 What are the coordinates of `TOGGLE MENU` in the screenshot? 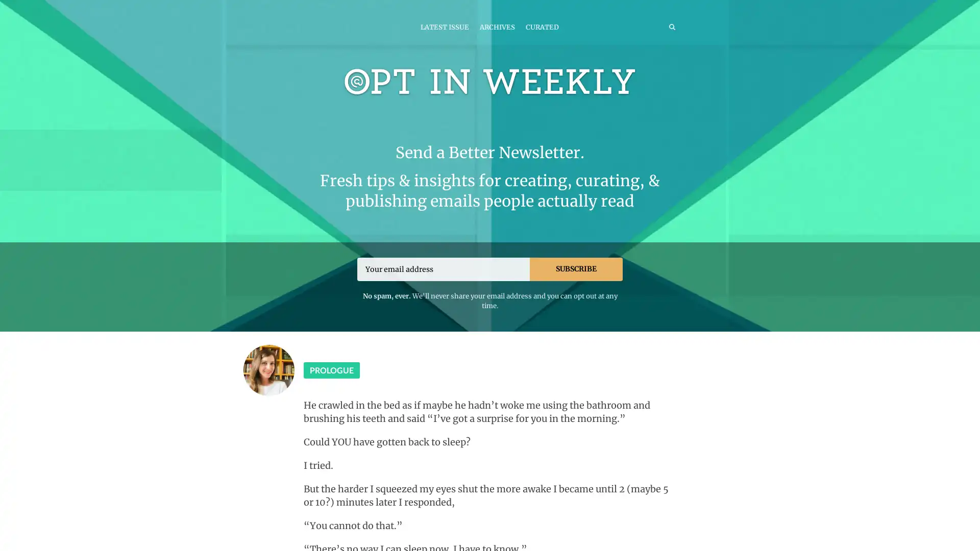 It's located at (305, 7).